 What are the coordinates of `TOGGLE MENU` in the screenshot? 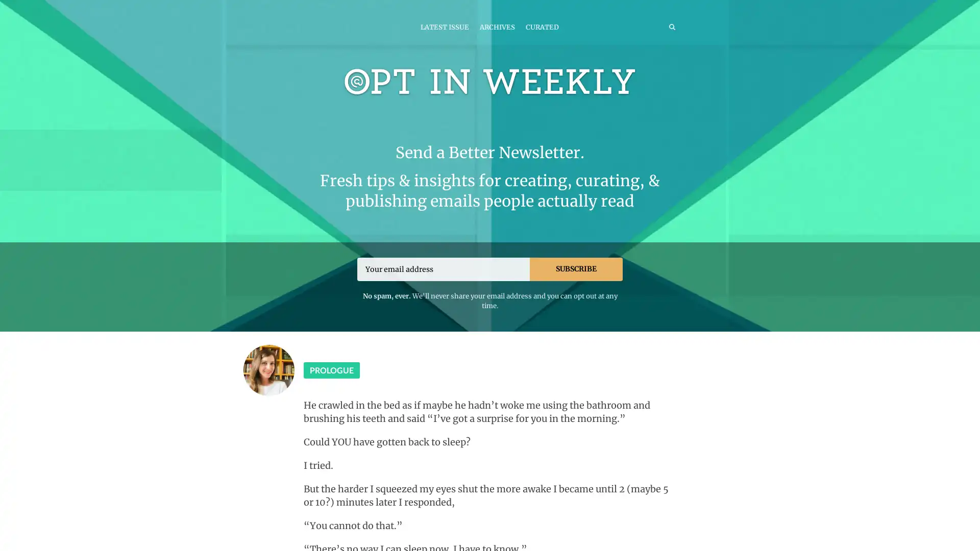 It's located at (305, 7).